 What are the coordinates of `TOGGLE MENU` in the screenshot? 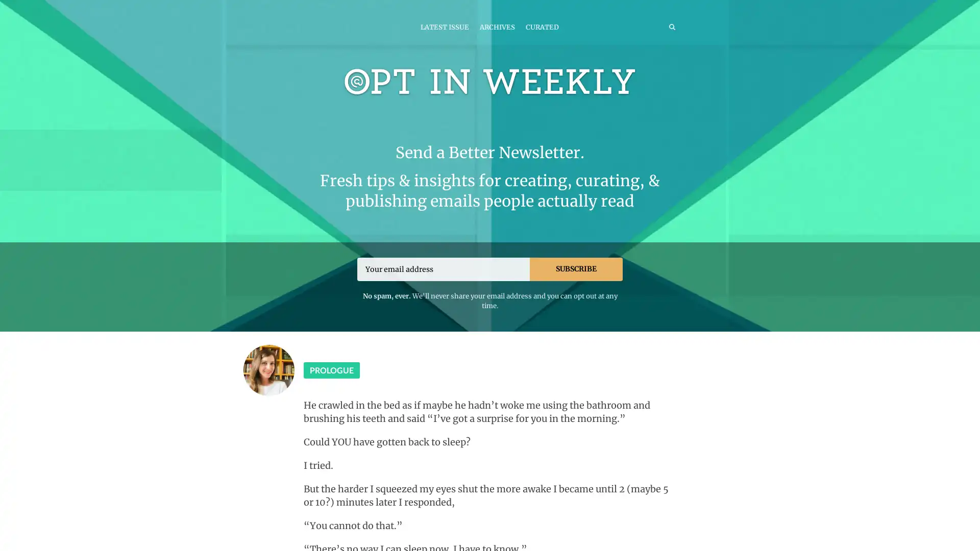 It's located at (305, 7).